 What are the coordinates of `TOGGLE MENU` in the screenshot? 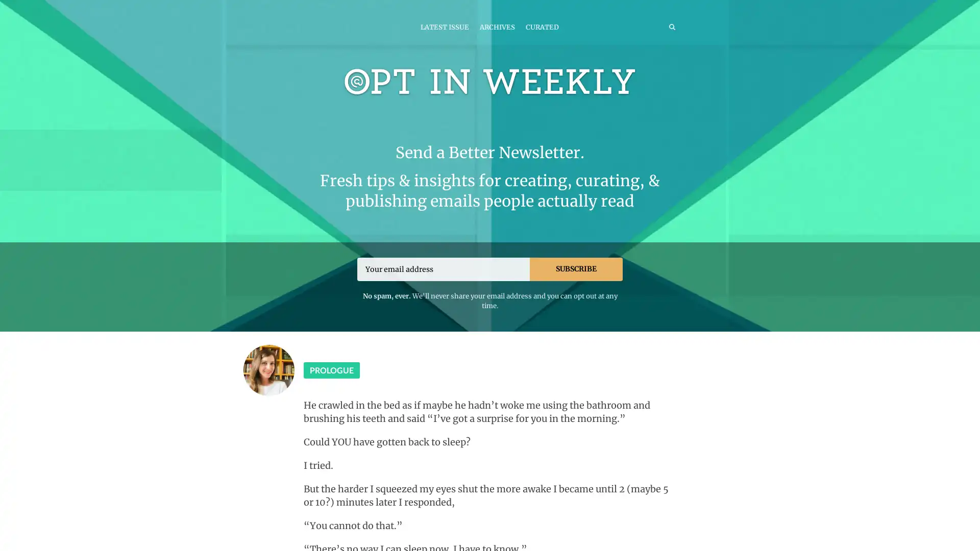 It's located at (305, 7).